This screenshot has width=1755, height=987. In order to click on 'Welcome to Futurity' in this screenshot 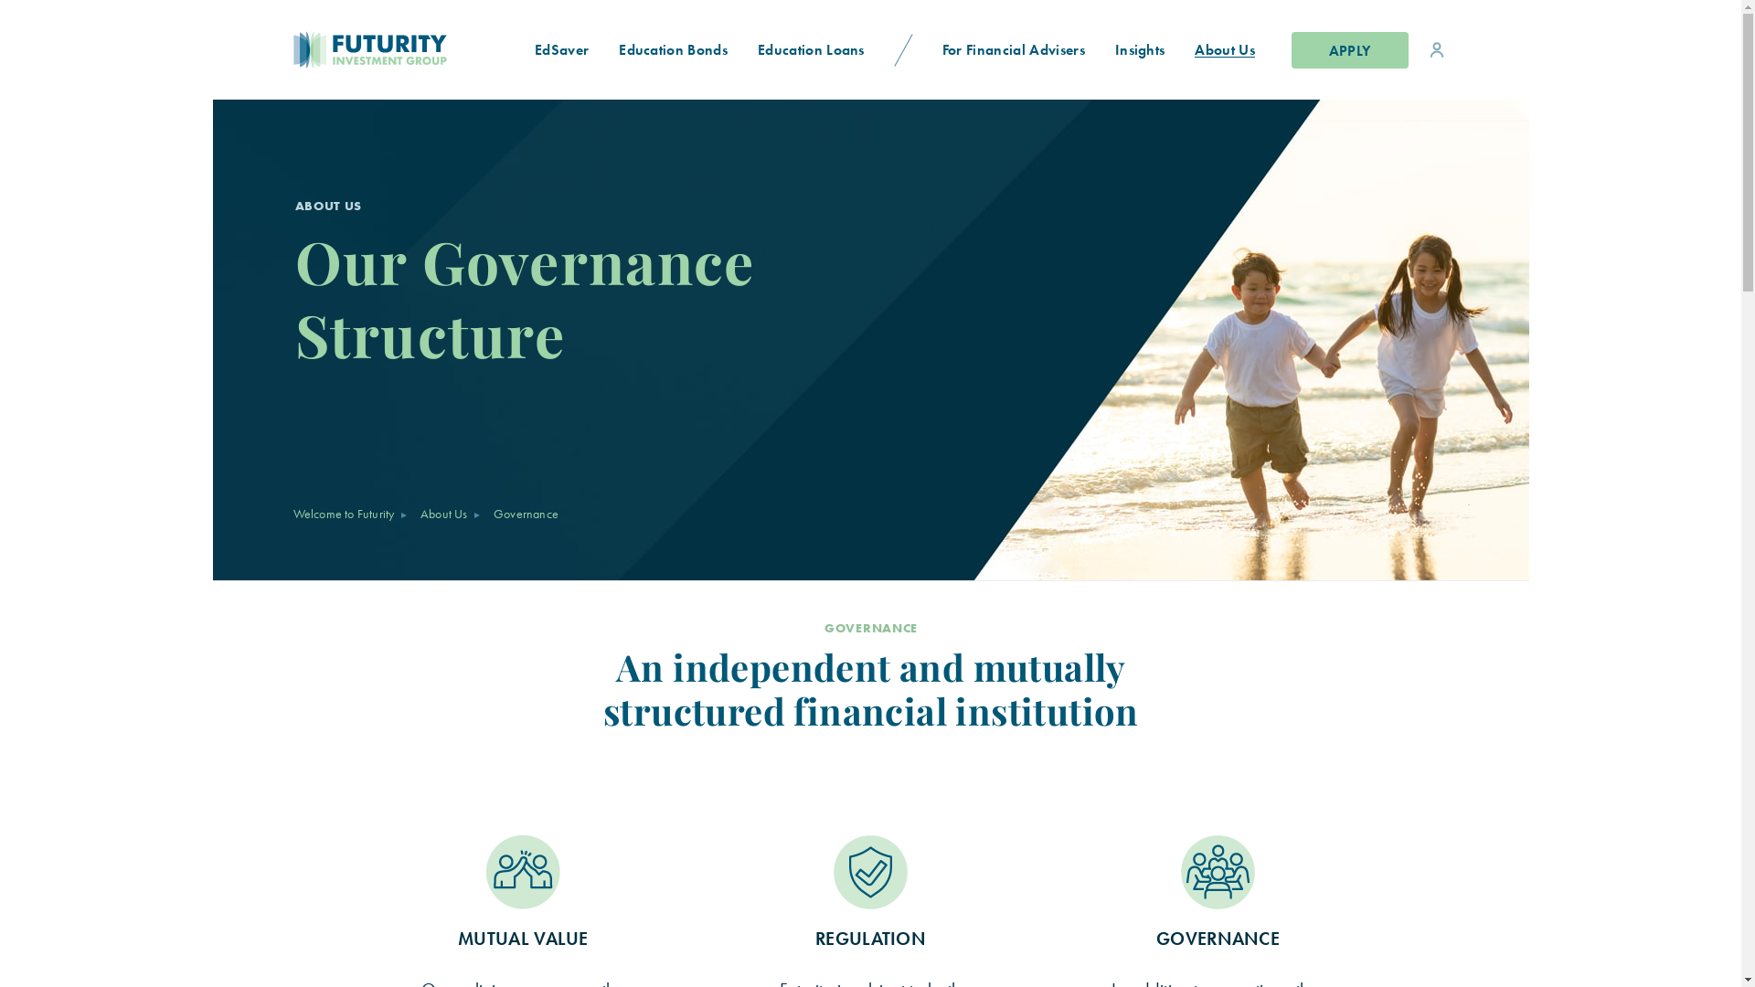, I will do `click(292, 514)`.